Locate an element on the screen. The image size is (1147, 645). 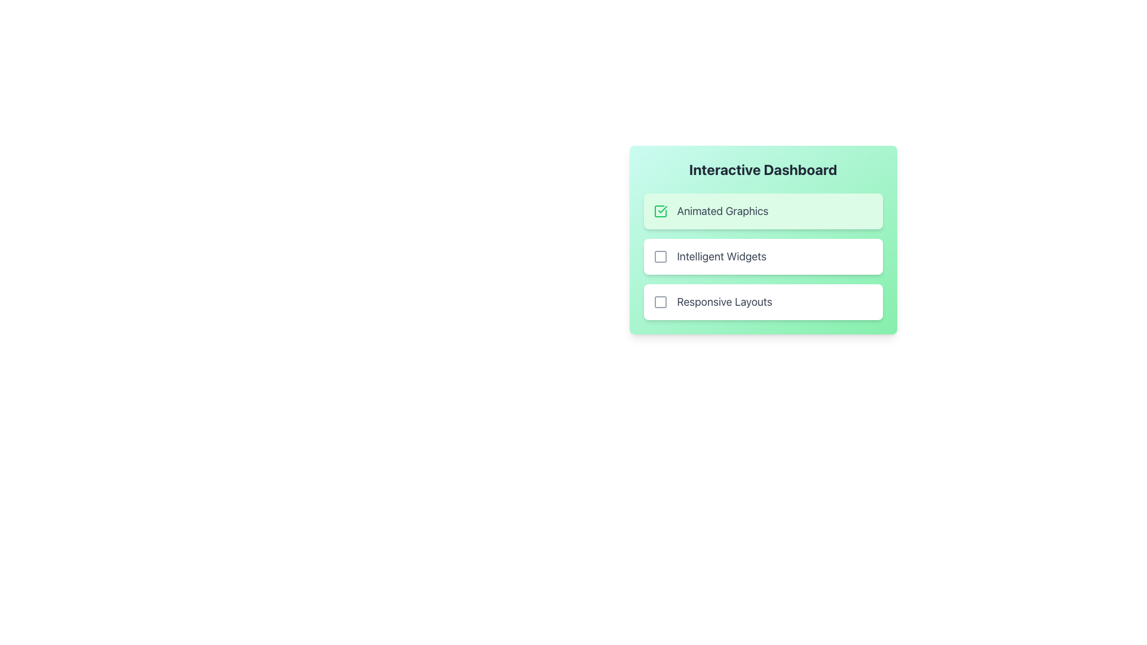
the first selectable list item labeled 'Animated Graphics' to deselect it is located at coordinates (762, 211).